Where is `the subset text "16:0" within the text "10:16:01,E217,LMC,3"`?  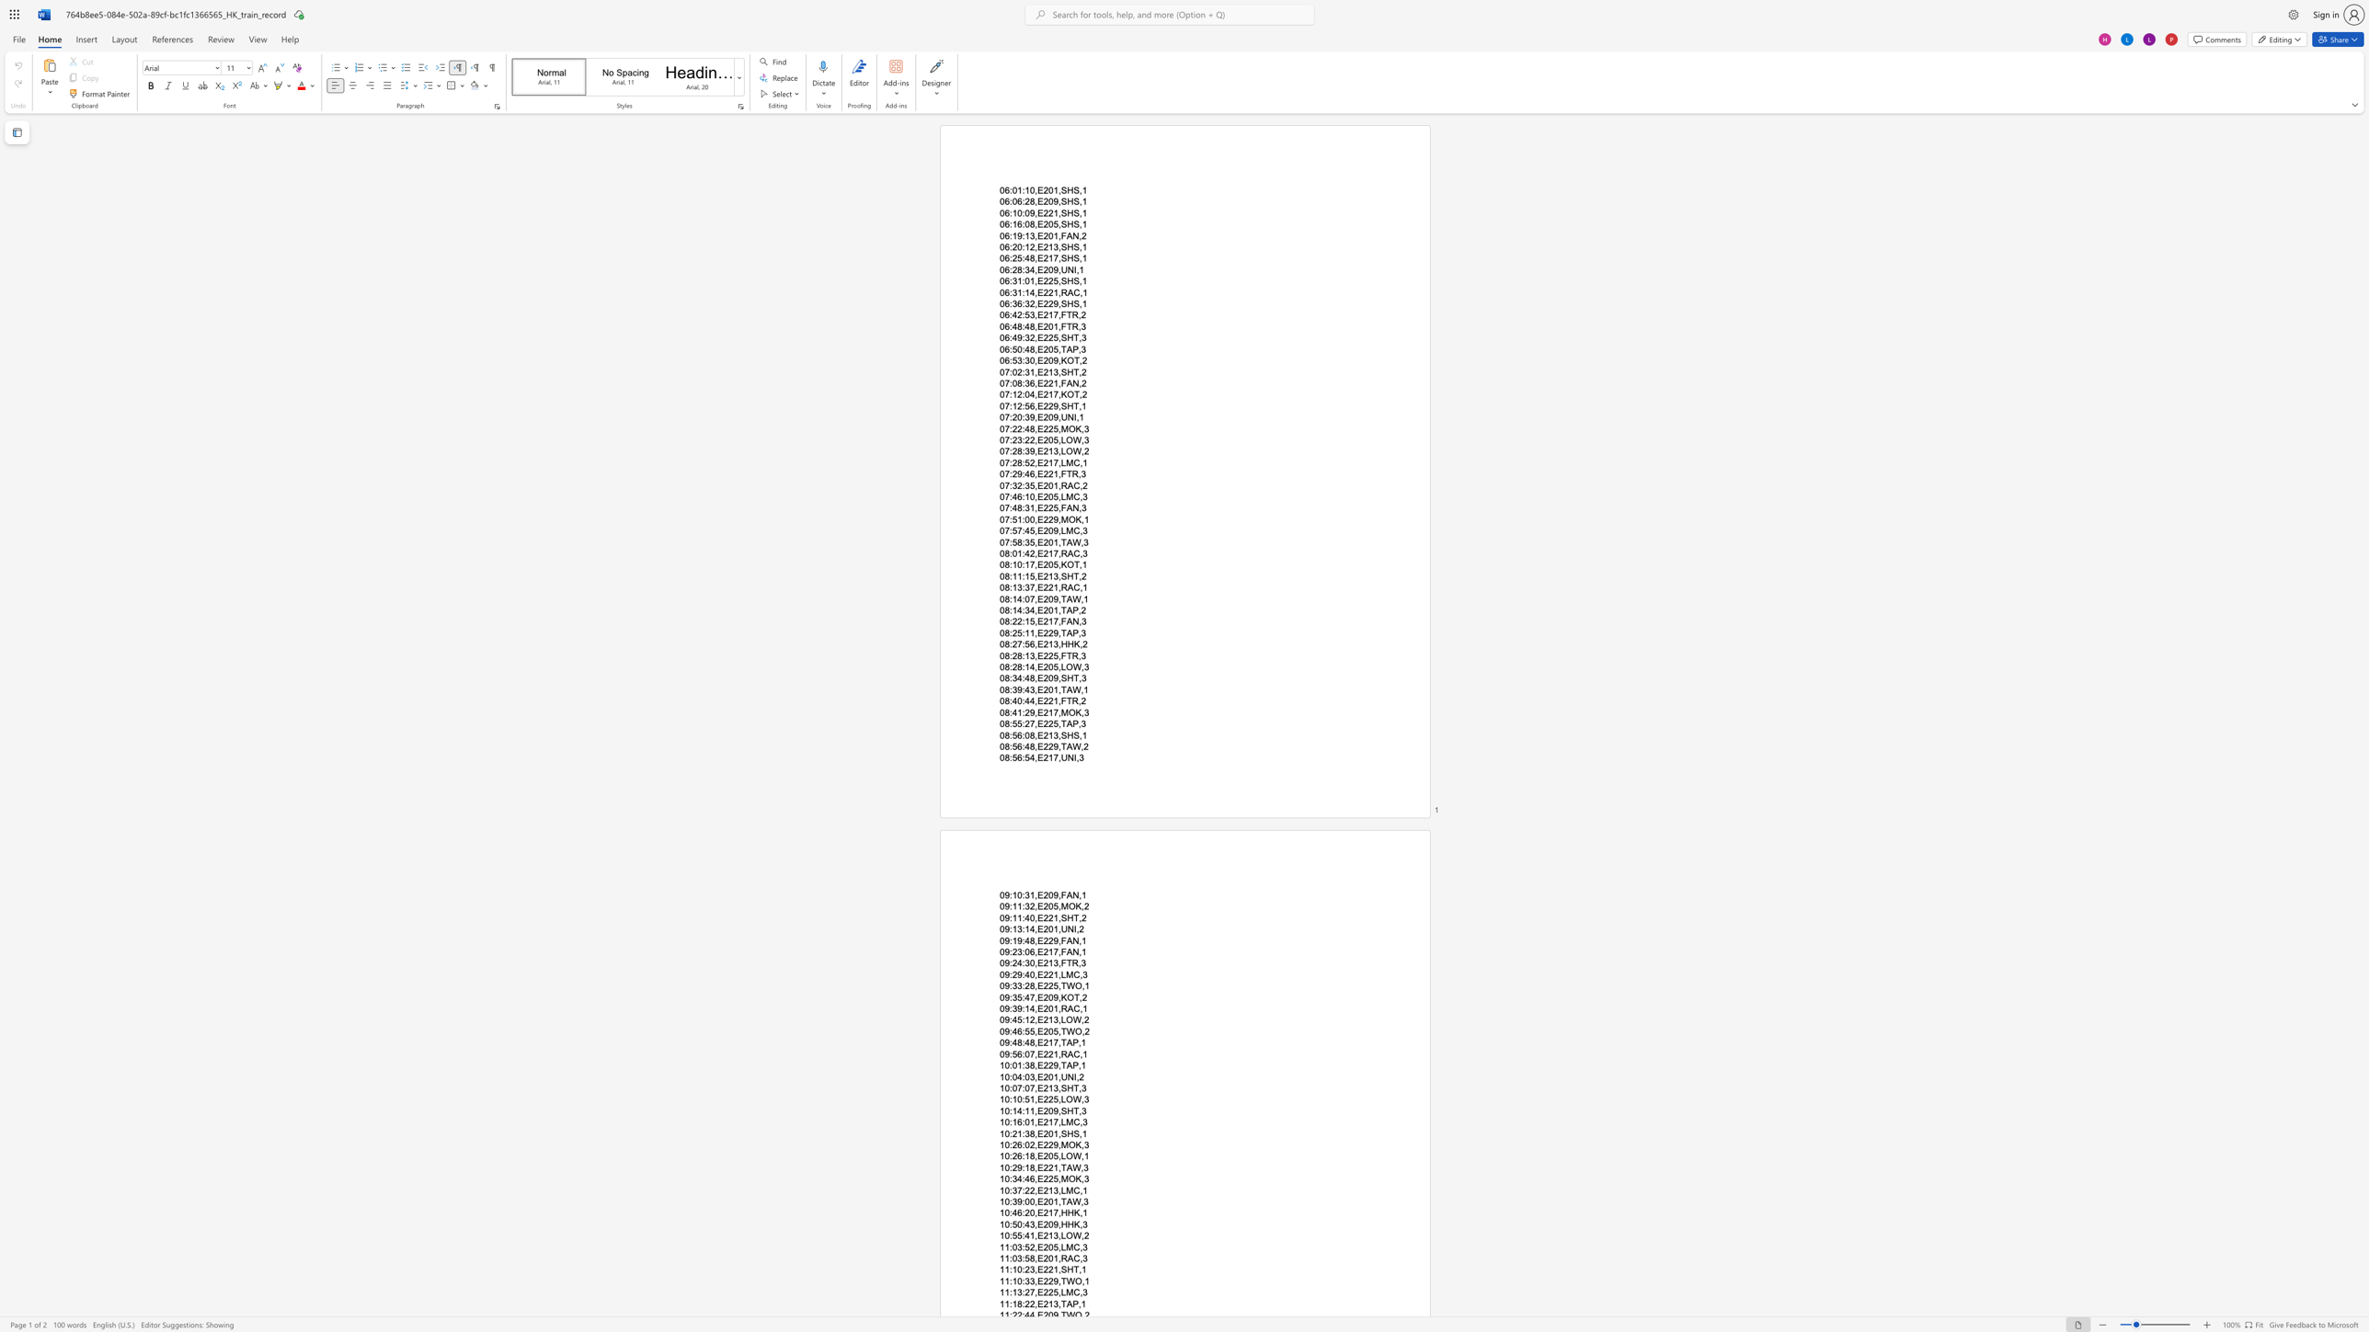 the subset text "16:0" within the text "10:16:01,E217,LMC,3" is located at coordinates (1012, 1121).